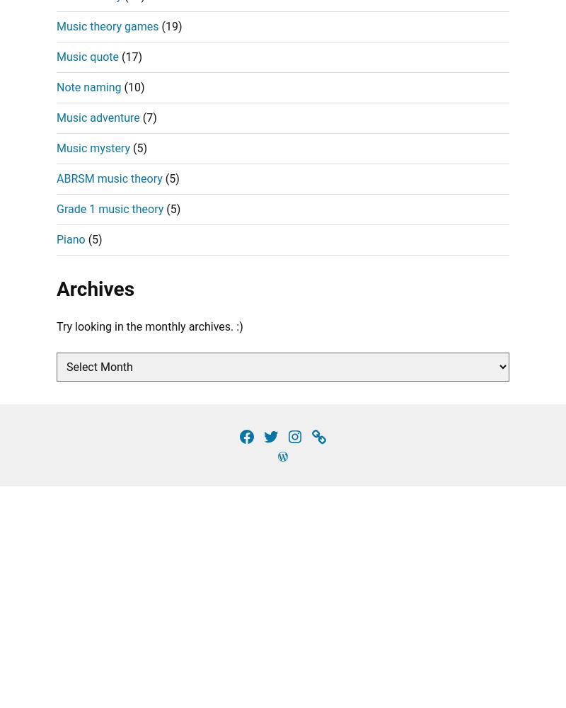  I want to click on 'Piano', so click(71, 238).